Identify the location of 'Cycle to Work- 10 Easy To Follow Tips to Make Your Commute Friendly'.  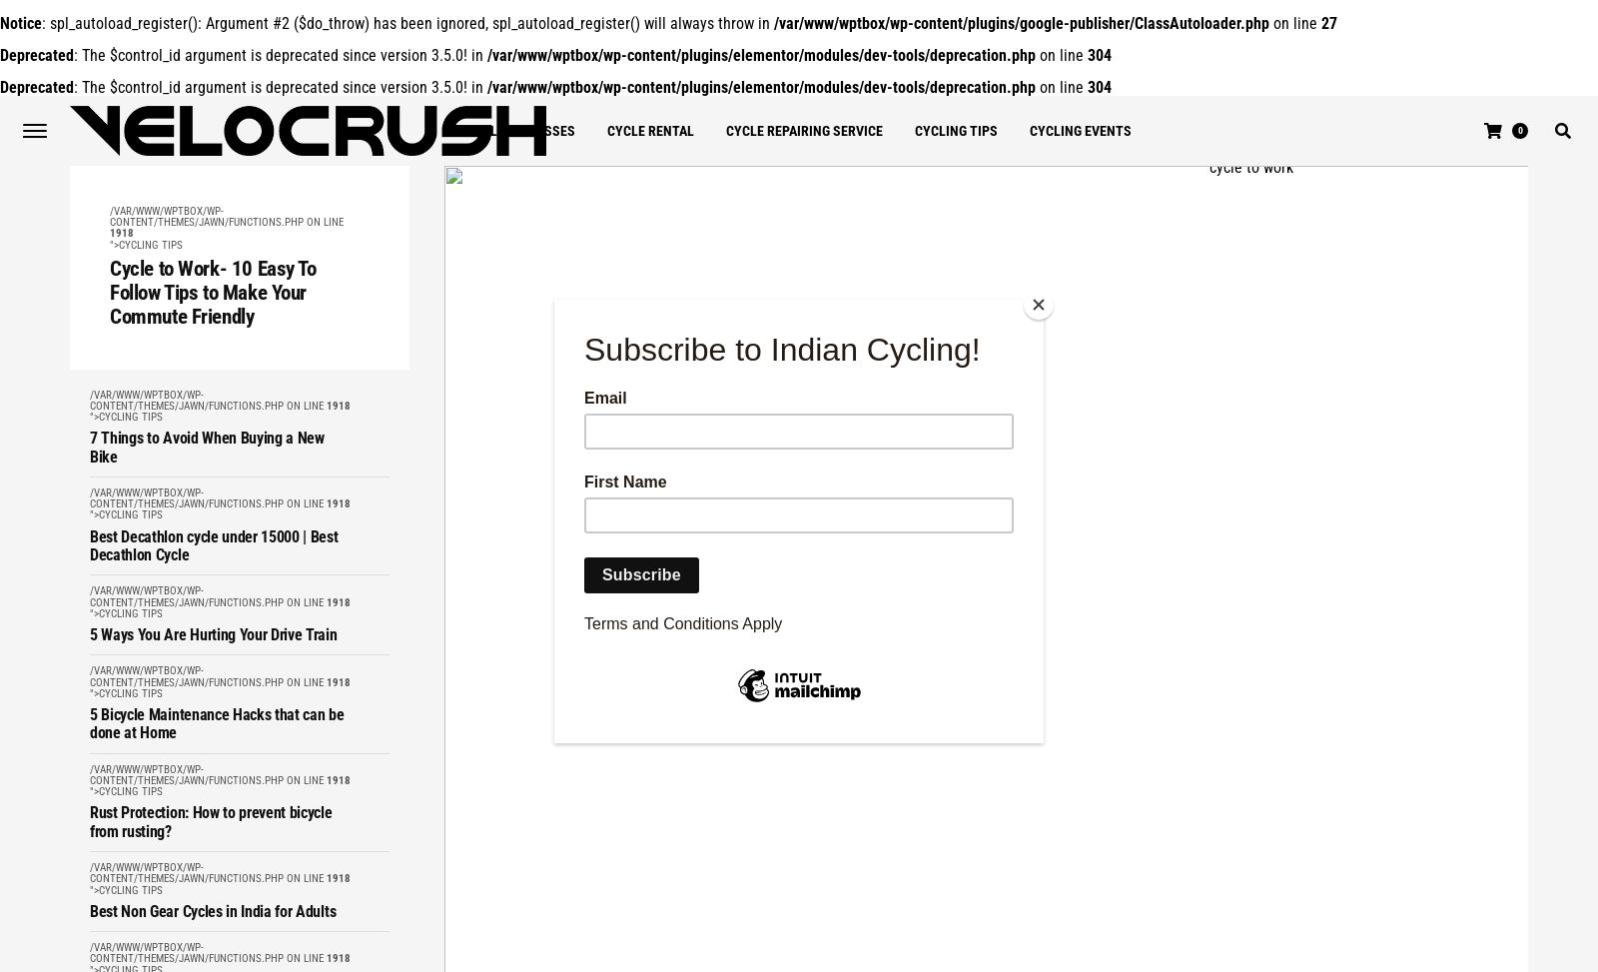
(109, 291).